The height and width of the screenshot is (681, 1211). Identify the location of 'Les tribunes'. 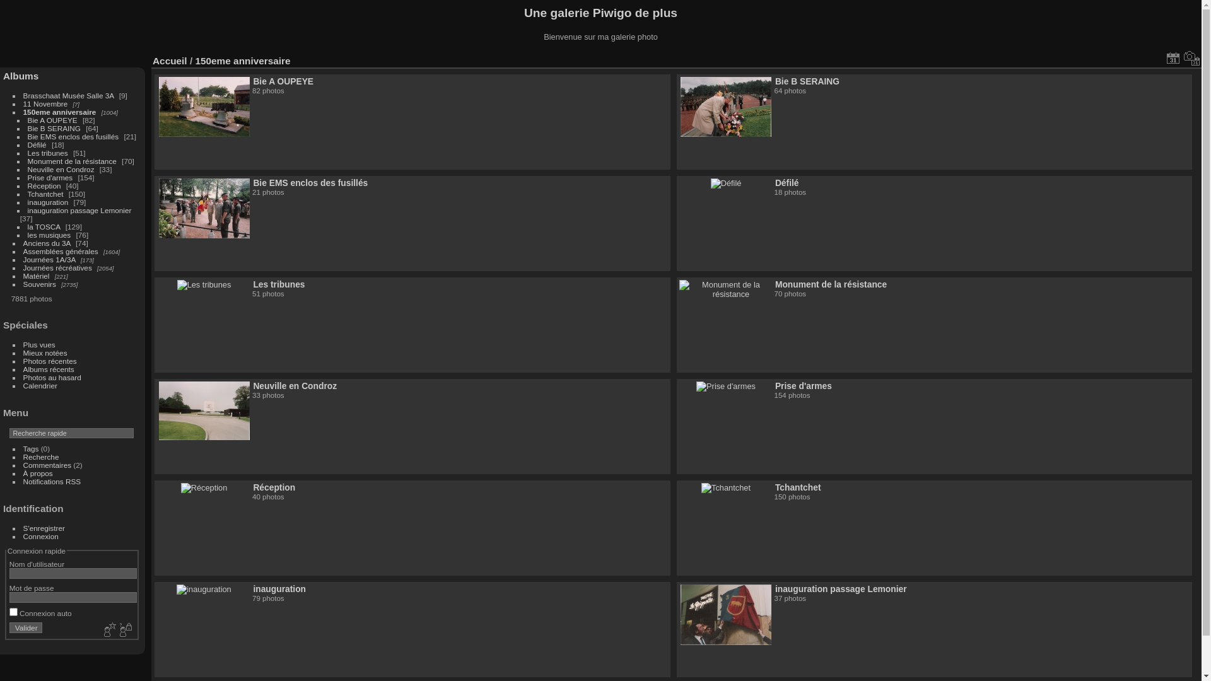
(278, 284).